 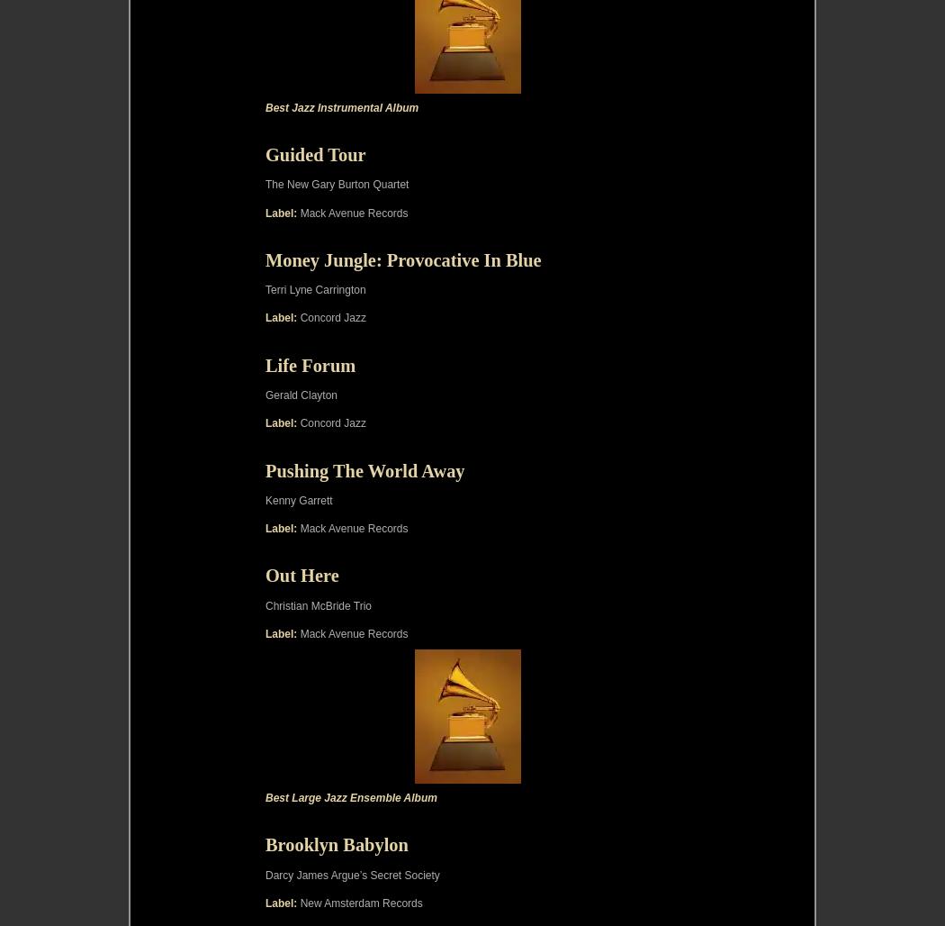 What do you see at coordinates (310, 365) in the screenshot?
I see `'Life Forum'` at bounding box center [310, 365].